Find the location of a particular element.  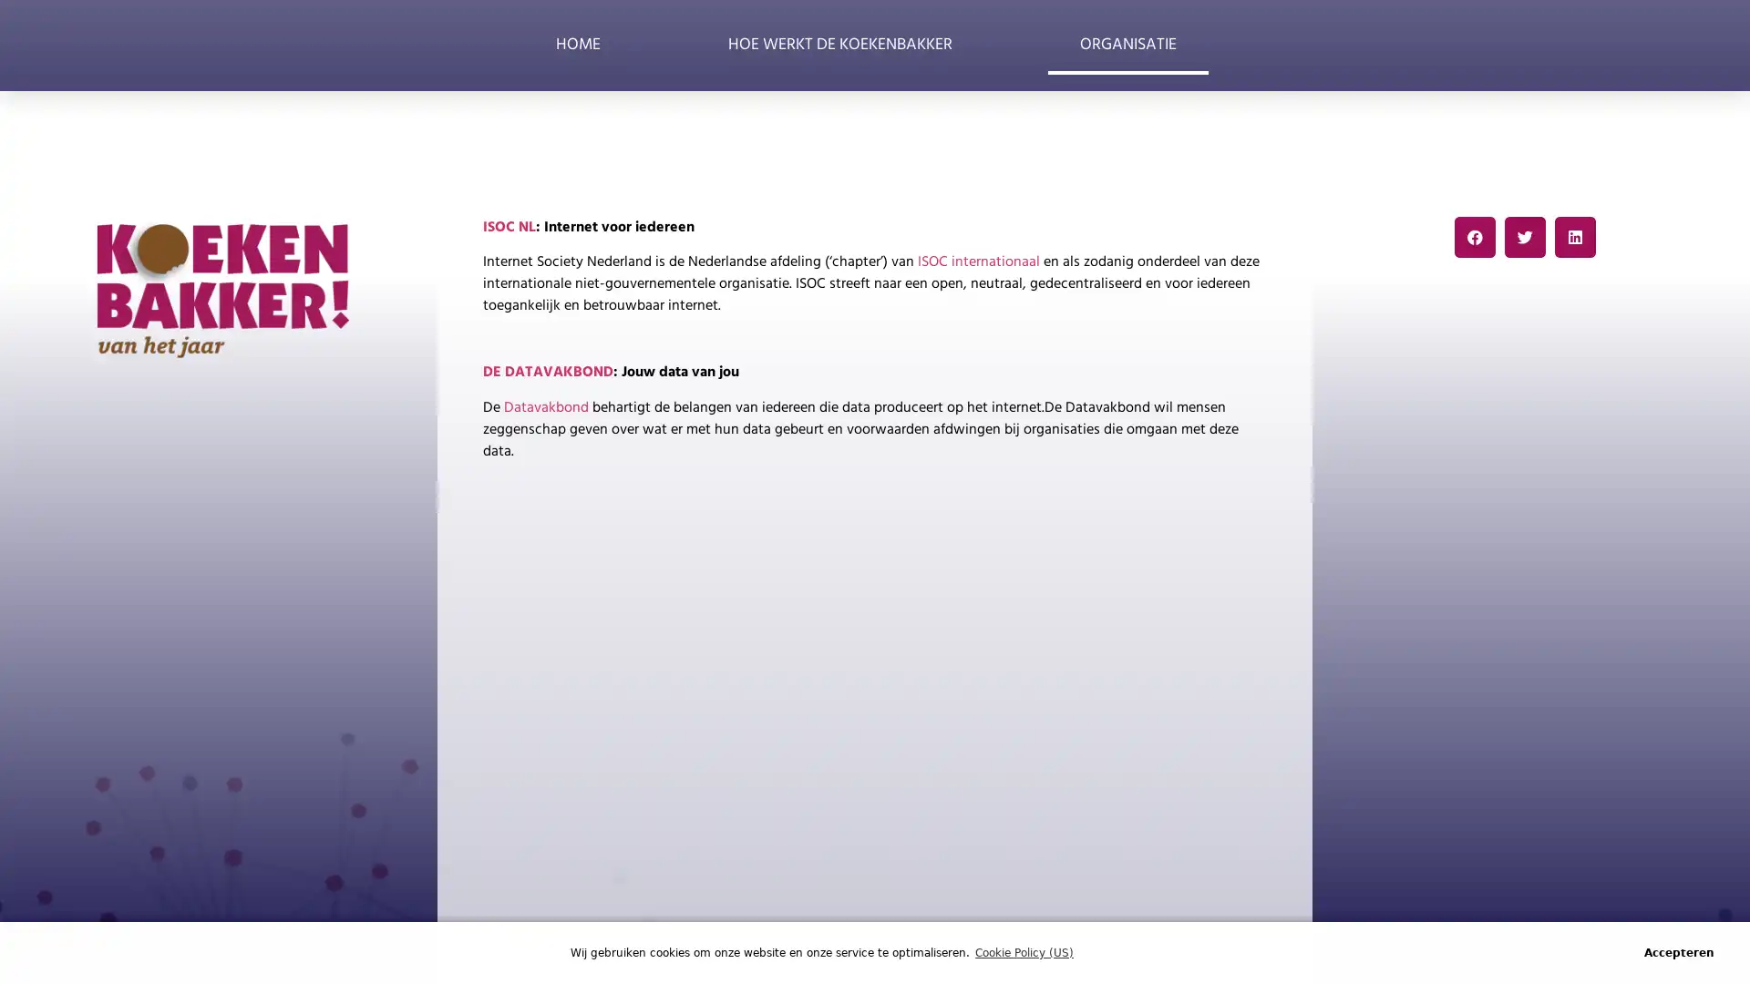

dismiss cookie message is located at coordinates (1678, 951).